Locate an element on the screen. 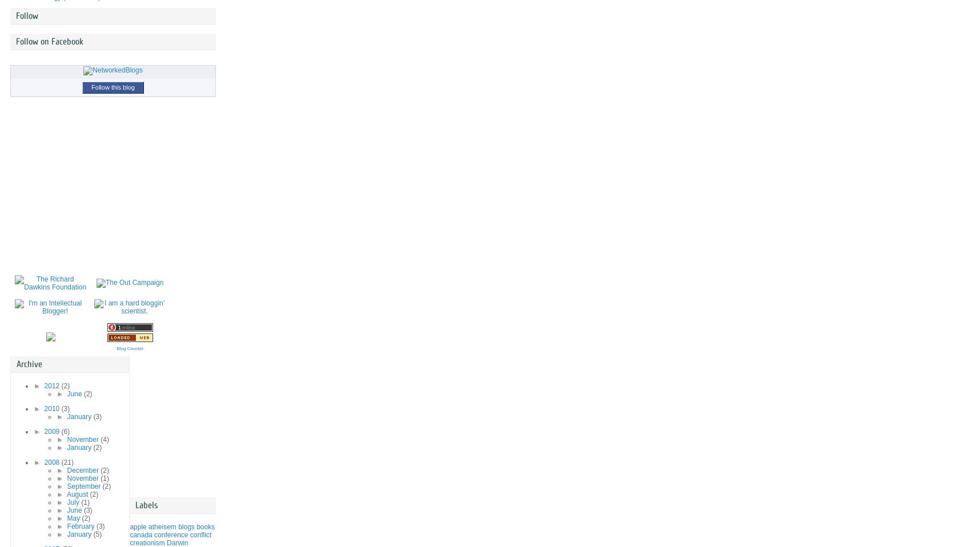  'books' is located at coordinates (196, 527).